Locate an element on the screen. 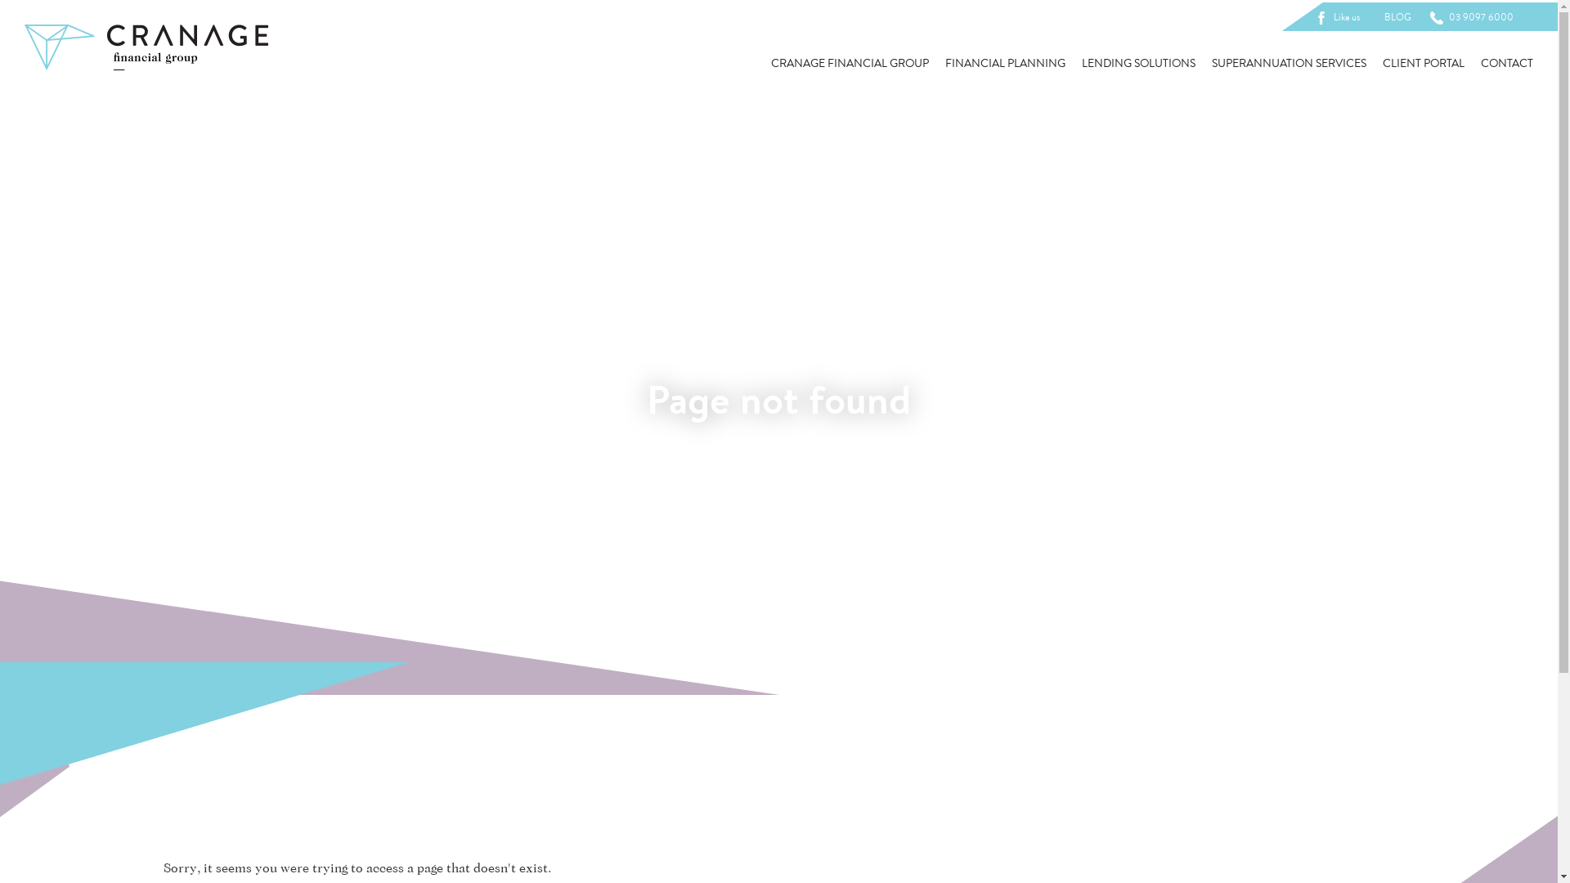 This screenshot has width=1570, height=883. 'FINANCIAL PLANNING' is located at coordinates (945, 63).